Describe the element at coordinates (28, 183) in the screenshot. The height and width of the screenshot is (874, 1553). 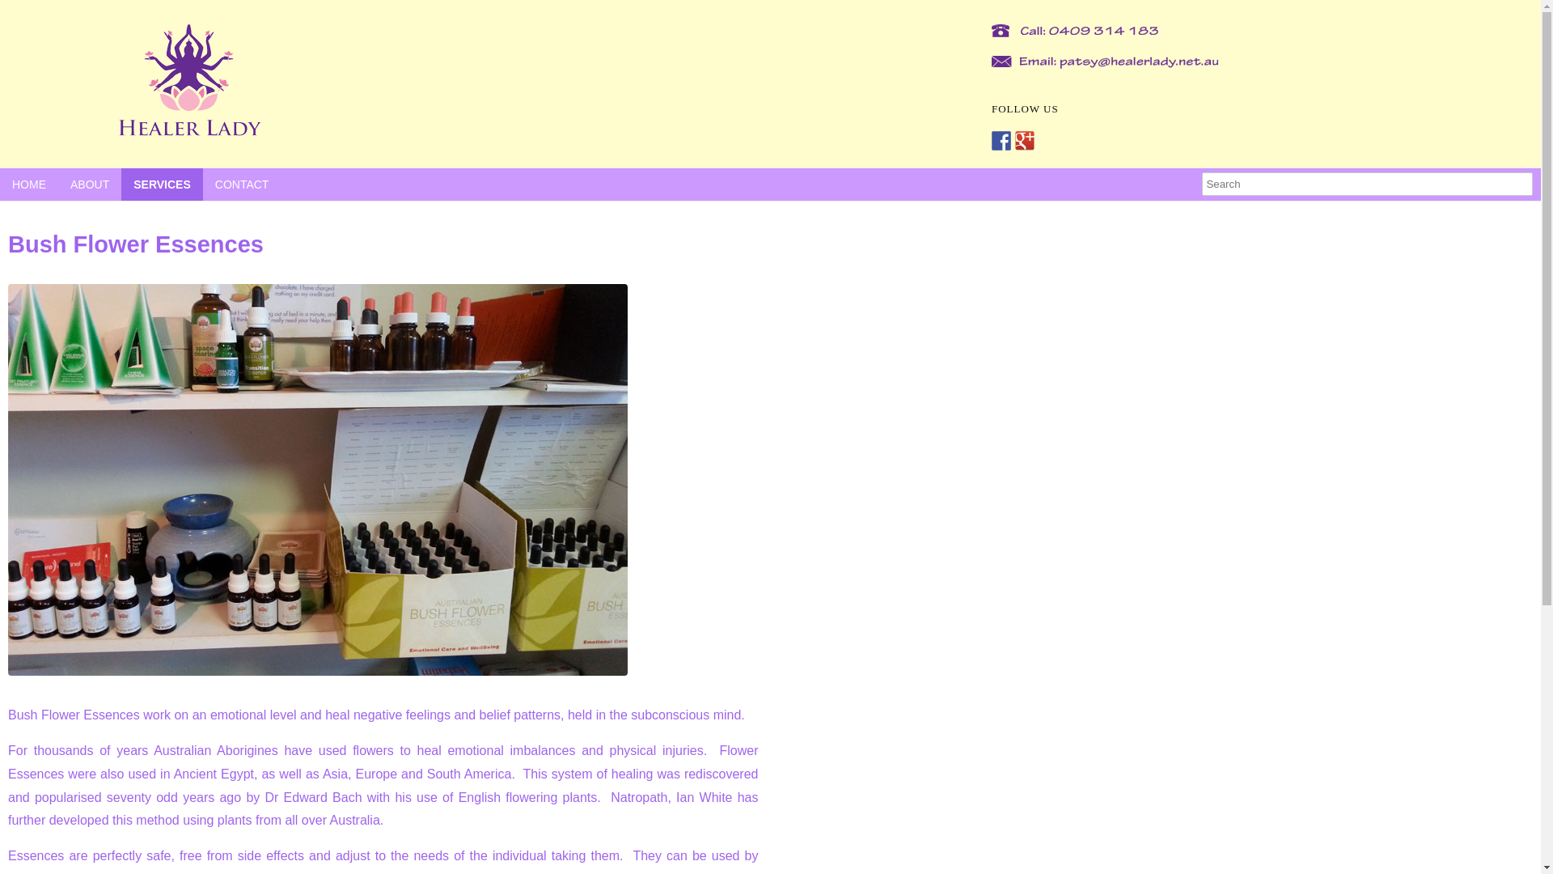
I see `'HOME'` at that location.